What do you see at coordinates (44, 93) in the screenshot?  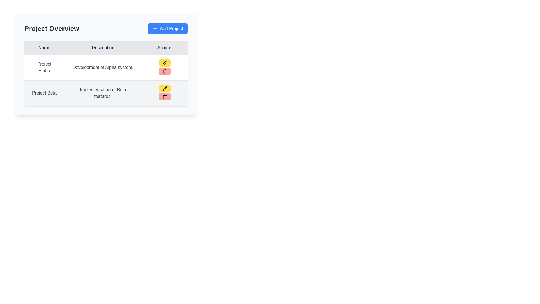 I see `the text label in the second row of the table under the 'Name' column that identifies the project as 'Implementation of Beta features.'` at bounding box center [44, 93].